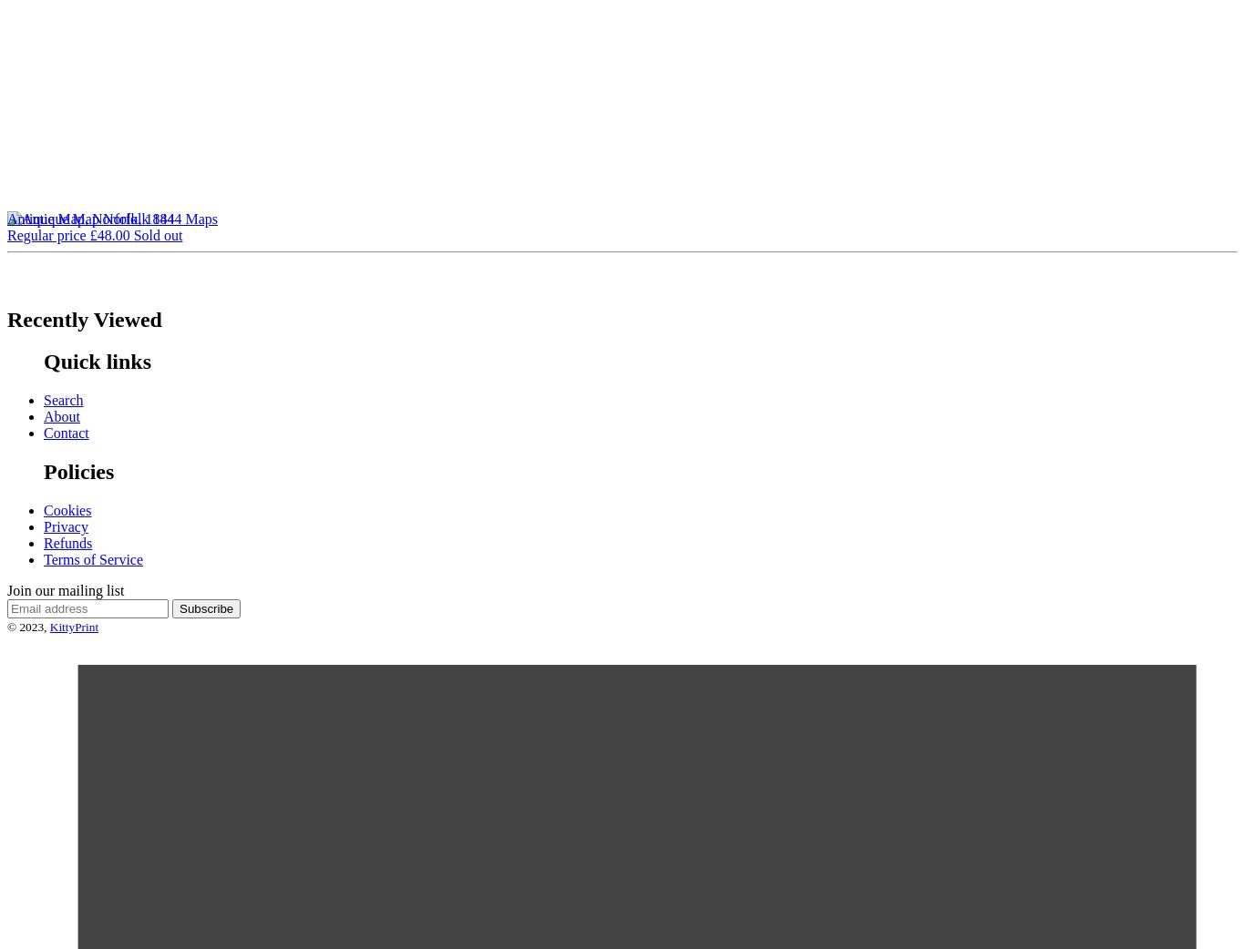 The image size is (1245, 949). What do you see at coordinates (65, 590) in the screenshot?
I see `'Join our mailing list'` at bounding box center [65, 590].